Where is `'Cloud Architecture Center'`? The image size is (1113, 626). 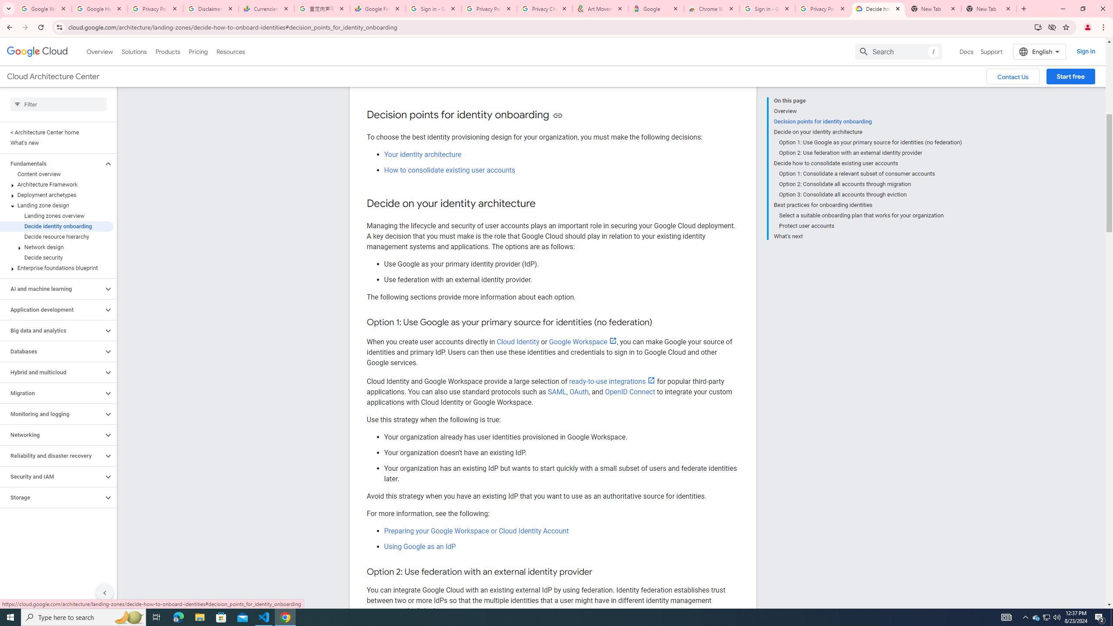
'Cloud Architecture Center' is located at coordinates (53, 77).